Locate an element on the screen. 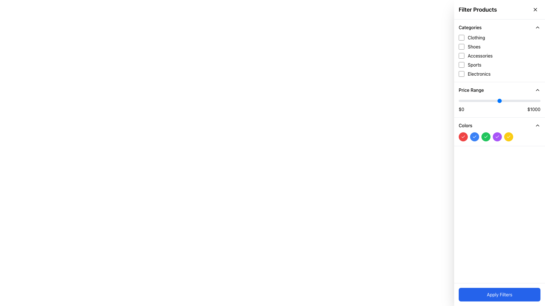 The width and height of the screenshot is (545, 306). the blue color filter button icon, which is the second circular button in the 'Colors' filter section is located at coordinates (474, 137).